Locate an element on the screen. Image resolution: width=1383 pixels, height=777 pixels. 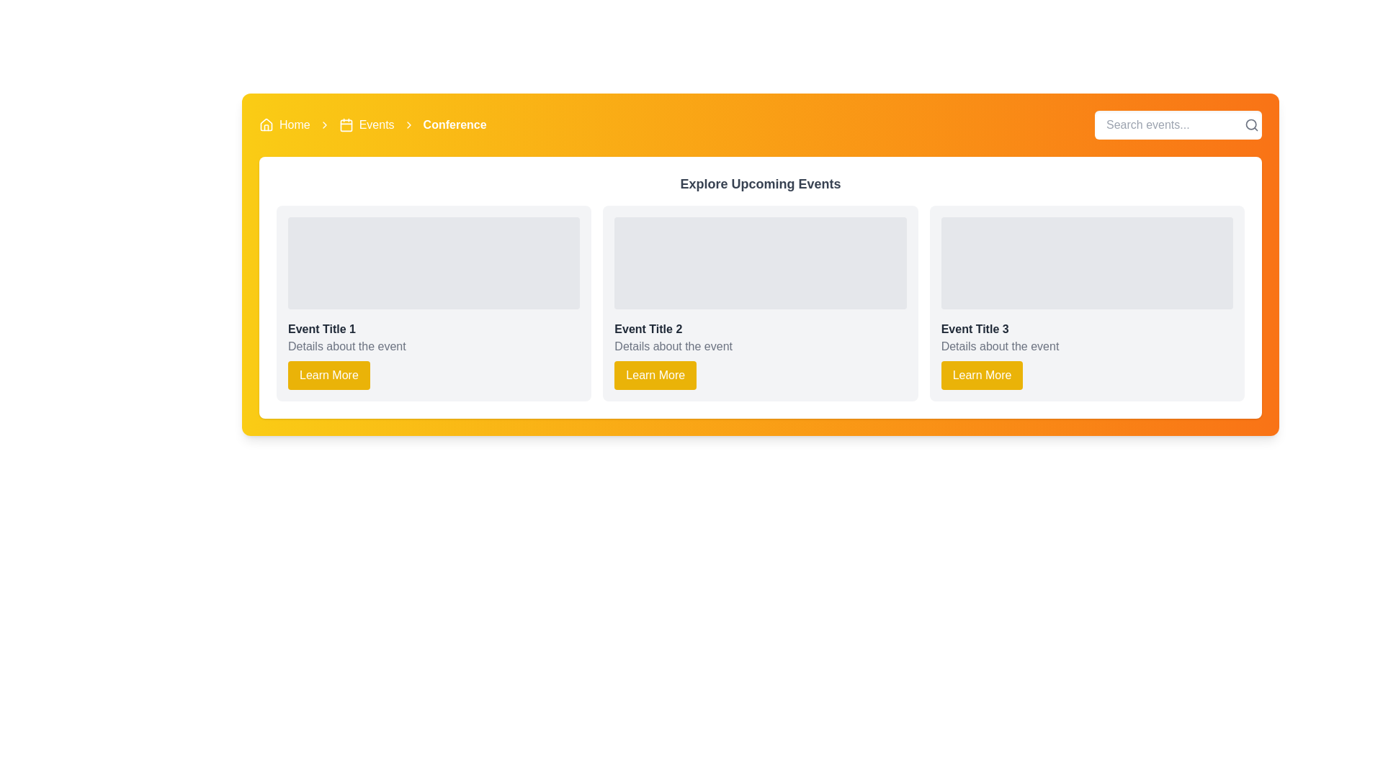
text content of the 'Conference' text label, which is styled with a white bold font and is part of a breadcrumb navigation bar is located at coordinates (454, 124).